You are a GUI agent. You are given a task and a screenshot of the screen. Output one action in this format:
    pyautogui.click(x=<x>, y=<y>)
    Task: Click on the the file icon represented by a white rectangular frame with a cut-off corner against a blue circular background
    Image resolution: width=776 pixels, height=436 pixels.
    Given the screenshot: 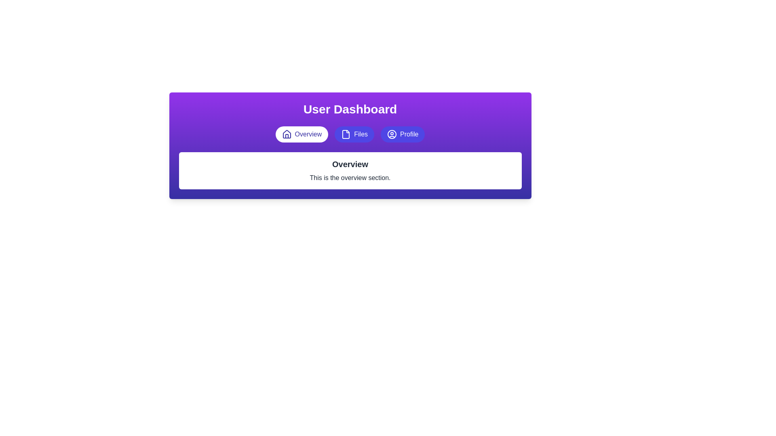 What is the action you would take?
    pyautogui.click(x=346, y=134)
    